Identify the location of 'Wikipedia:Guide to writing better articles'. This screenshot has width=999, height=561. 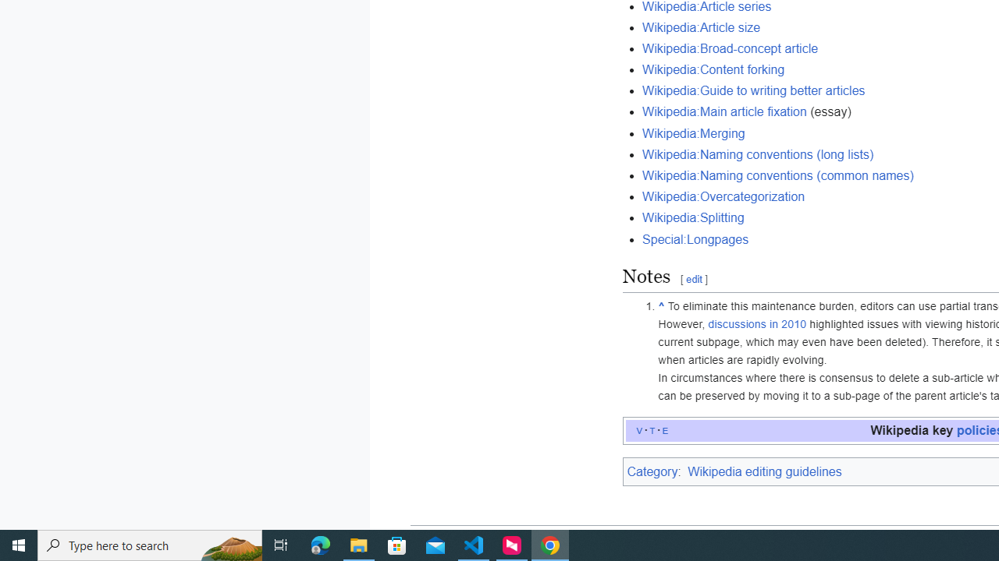
(753, 91).